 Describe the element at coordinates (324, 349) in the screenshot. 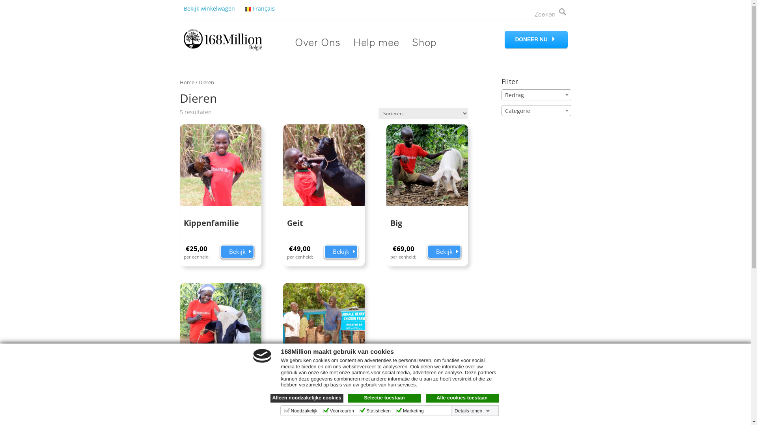

I see `'Kippenhok met Kippenfamilie'` at that location.